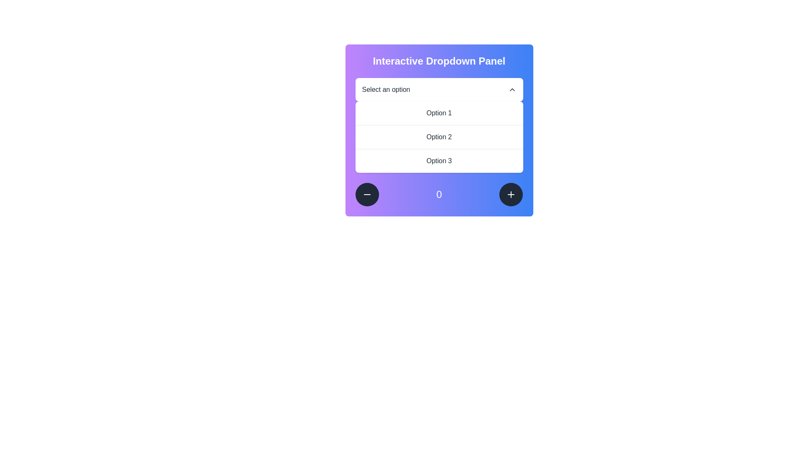 Image resolution: width=805 pixels, height=453 pixels. What do you see at coordinates (367, 194) in the screenshot?
I see `the decrement button located in the bottom-left corner of the interface, next to the number indicator '0'` at bounding box center [367, 194].